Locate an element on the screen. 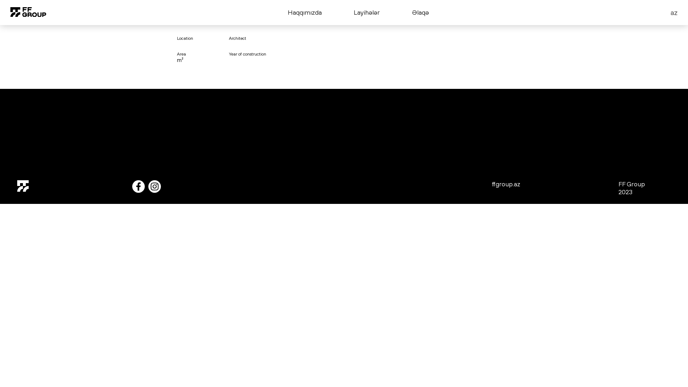  'ffgroup.az' is located at coordinates (505, 185).